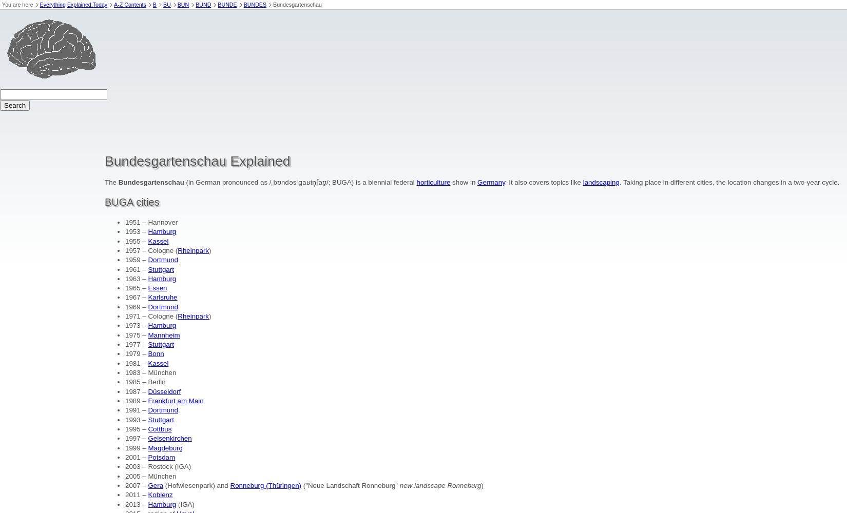 This screenshot has width=847, height=513. What do you see at coordinates (113, 5) in the screenshot?
I see `'A-Z Contents'` at bounding box center [113, 5].